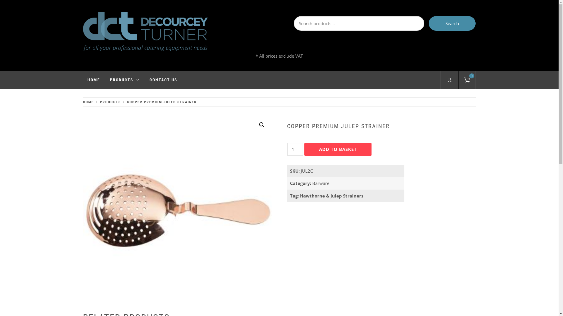 This screenshot has width=563, height=316. What do you see at coordinates (332, 195) in the screenshot?
I see `'Hawthorne & Julep Strainers'` at bounding box center [332, 195].